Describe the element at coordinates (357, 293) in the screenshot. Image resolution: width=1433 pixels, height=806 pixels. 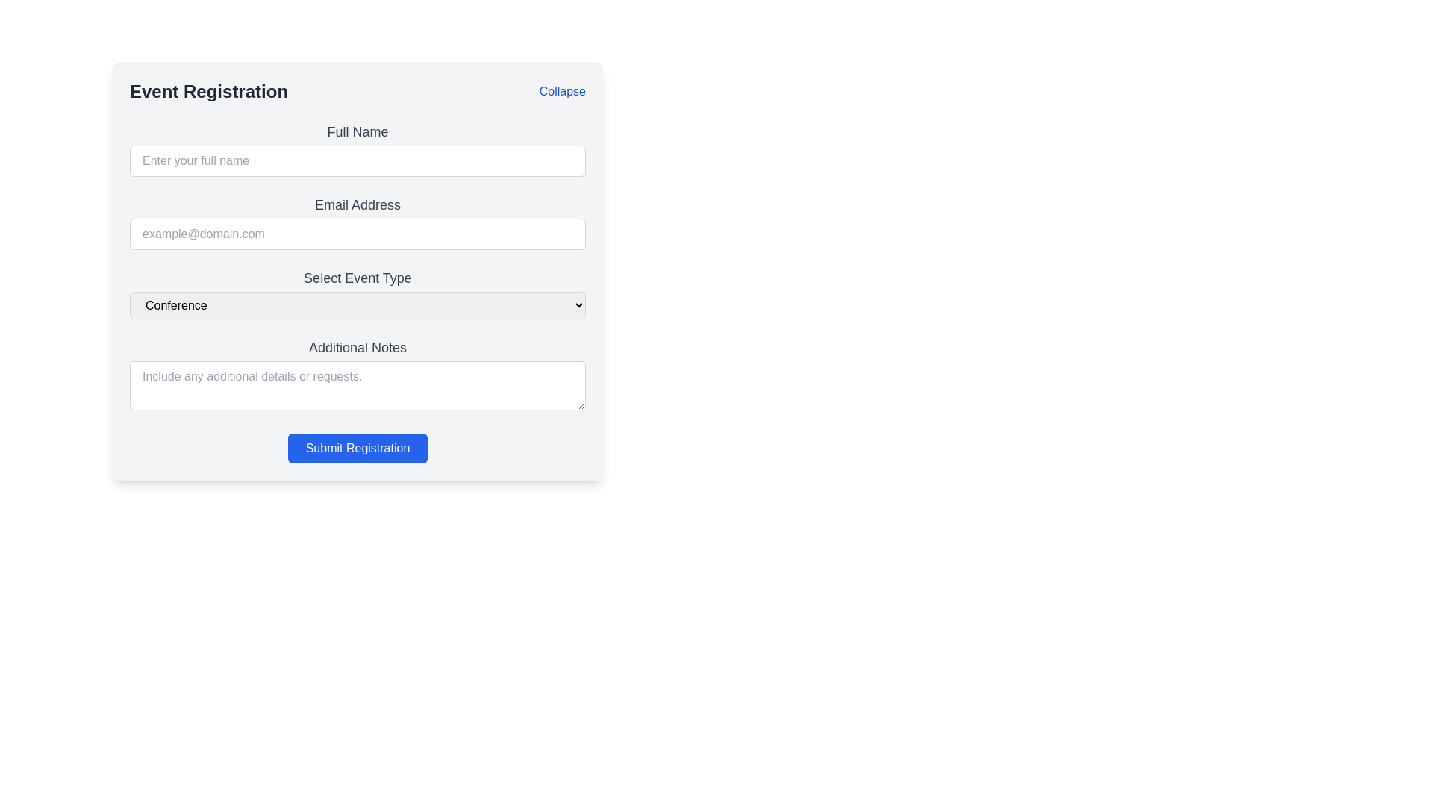
I see `the dropdown menu labeled 'Select Event Type'` at that location.